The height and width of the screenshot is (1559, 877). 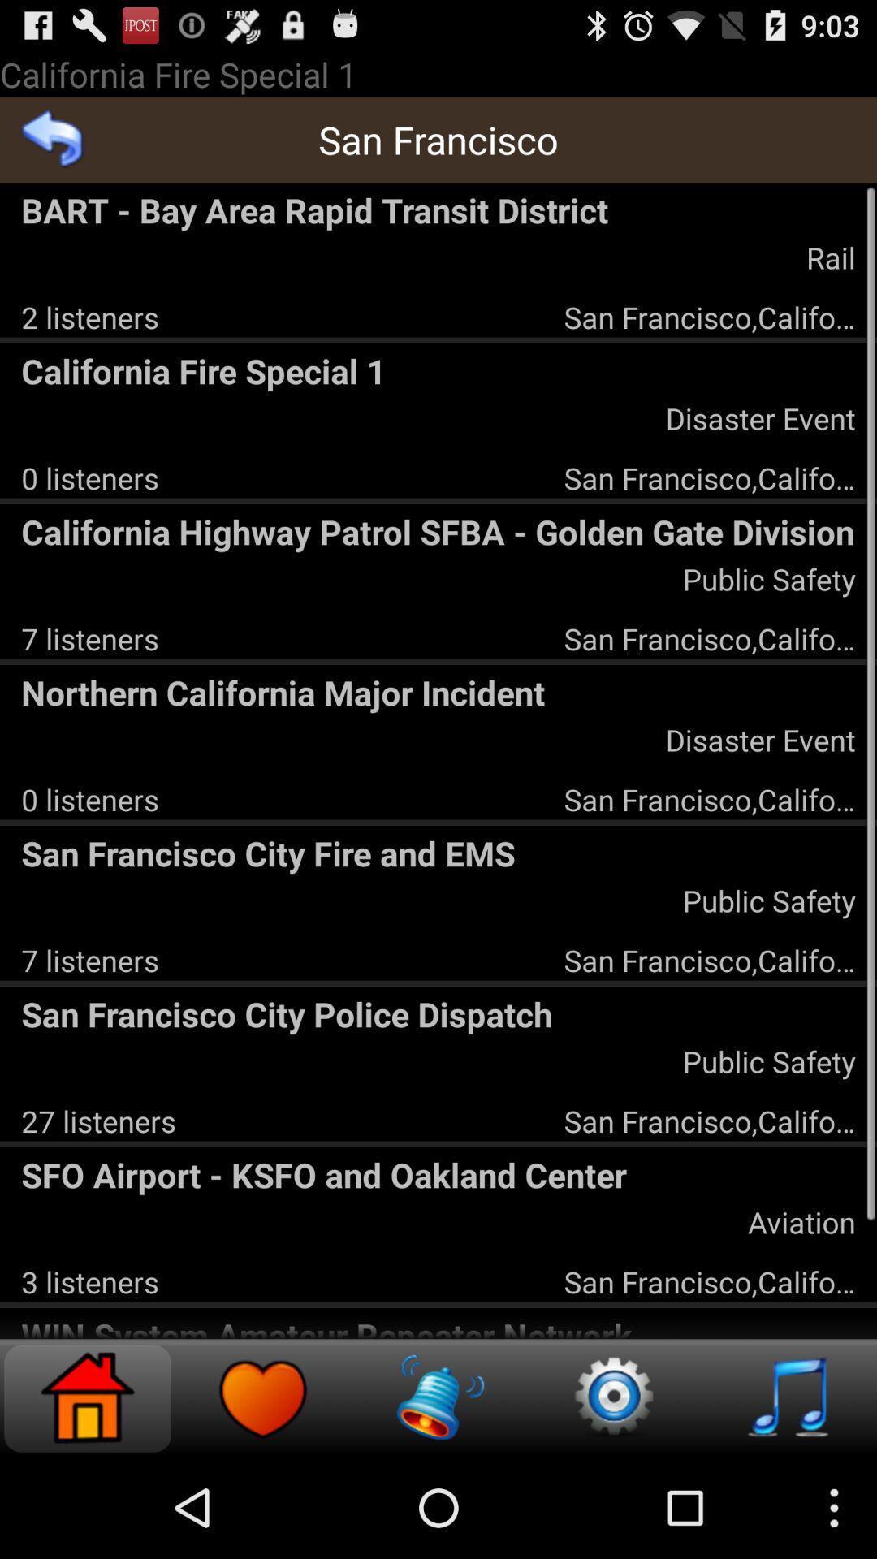 I want to click on the bart bay area item, so click(x=438, y=209).